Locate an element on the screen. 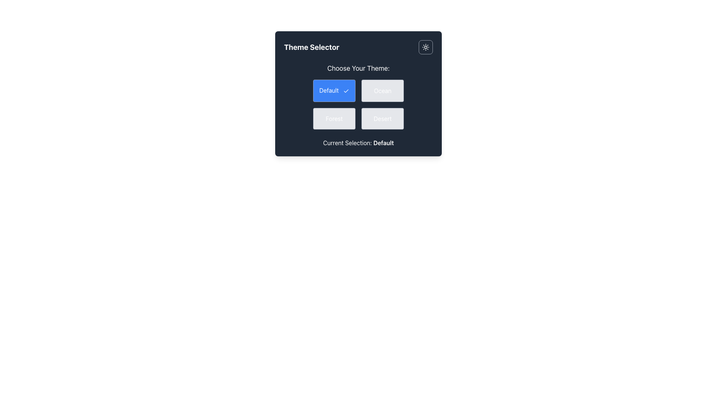 This screenshot has height=402, width=714. the text label that indicates the currently selected theme, which is 'Default', located at the bottom of the 'Theme Selector' panel is located at coordinates (358, 142).